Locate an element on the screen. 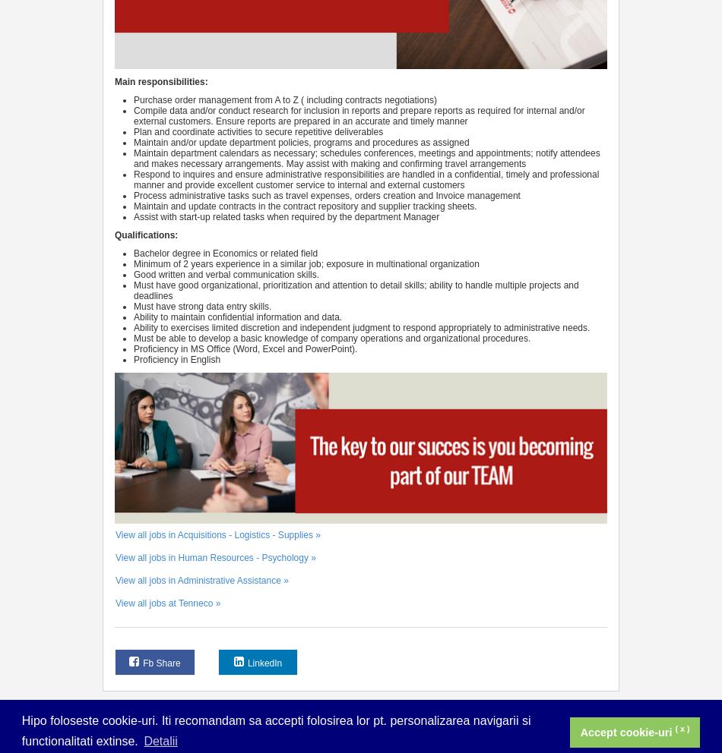 The height and width of the screenshot is (753, 722). 'Compile data and/or conduct research for inclusion in reports and prepare reports as required for internal and/or external customers. Ensure reports are prepared in an accurate and timely manner' is located at coordinates (358, 115).